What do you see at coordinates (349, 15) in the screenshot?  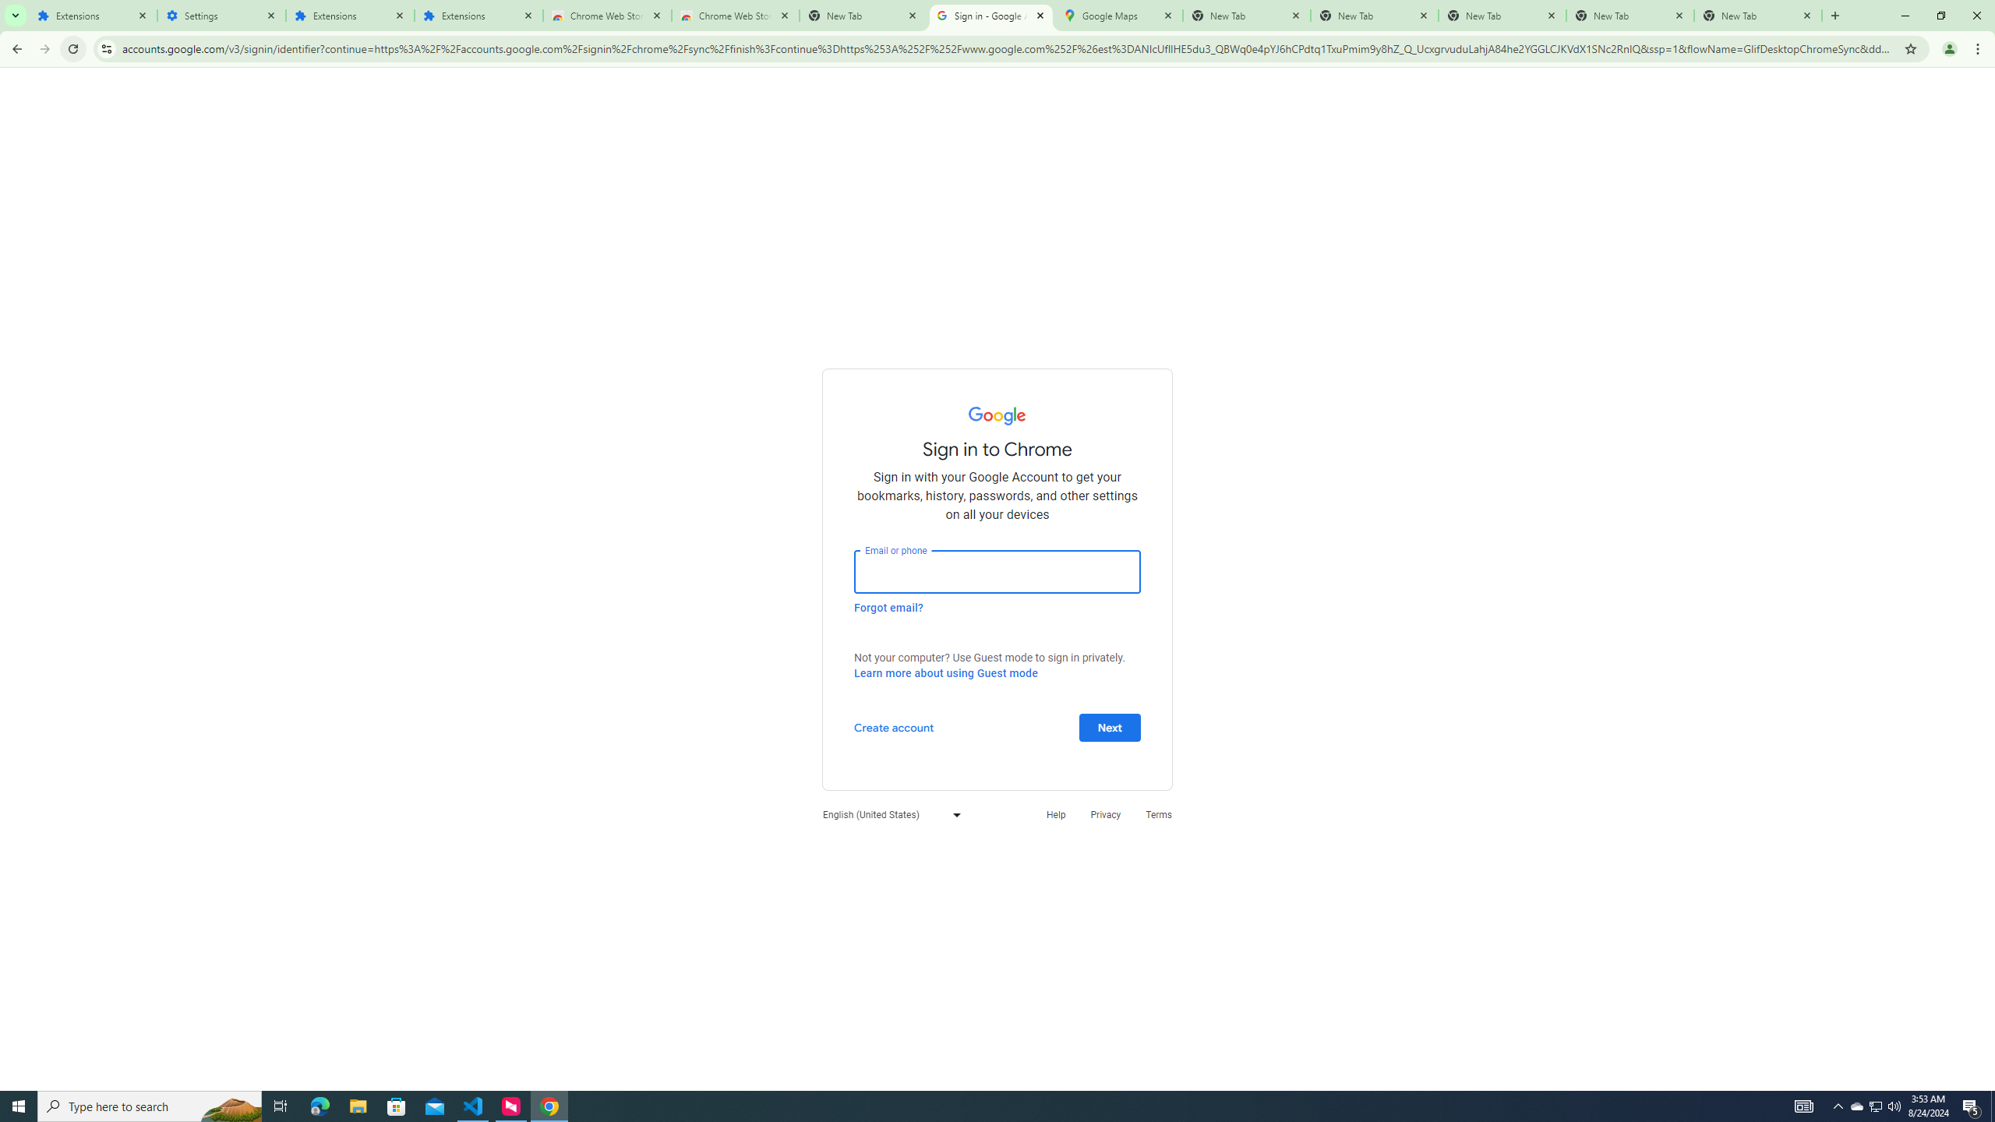 I see `'Extensions'` at bounding box center [349, 15].